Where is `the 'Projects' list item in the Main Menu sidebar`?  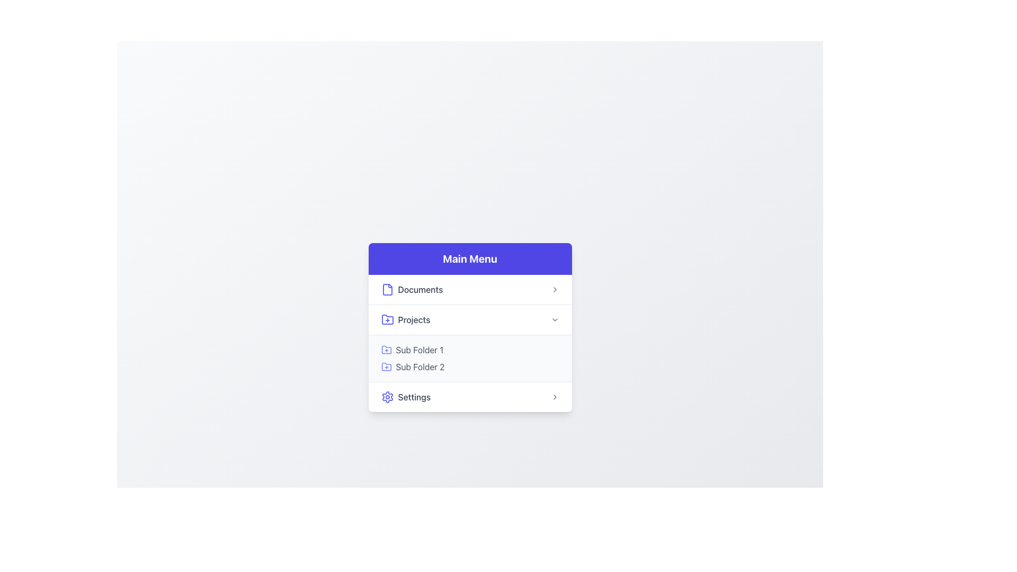 the 'Projects' list item in the Main Menu sidebar is located at coordinates (469, 318).